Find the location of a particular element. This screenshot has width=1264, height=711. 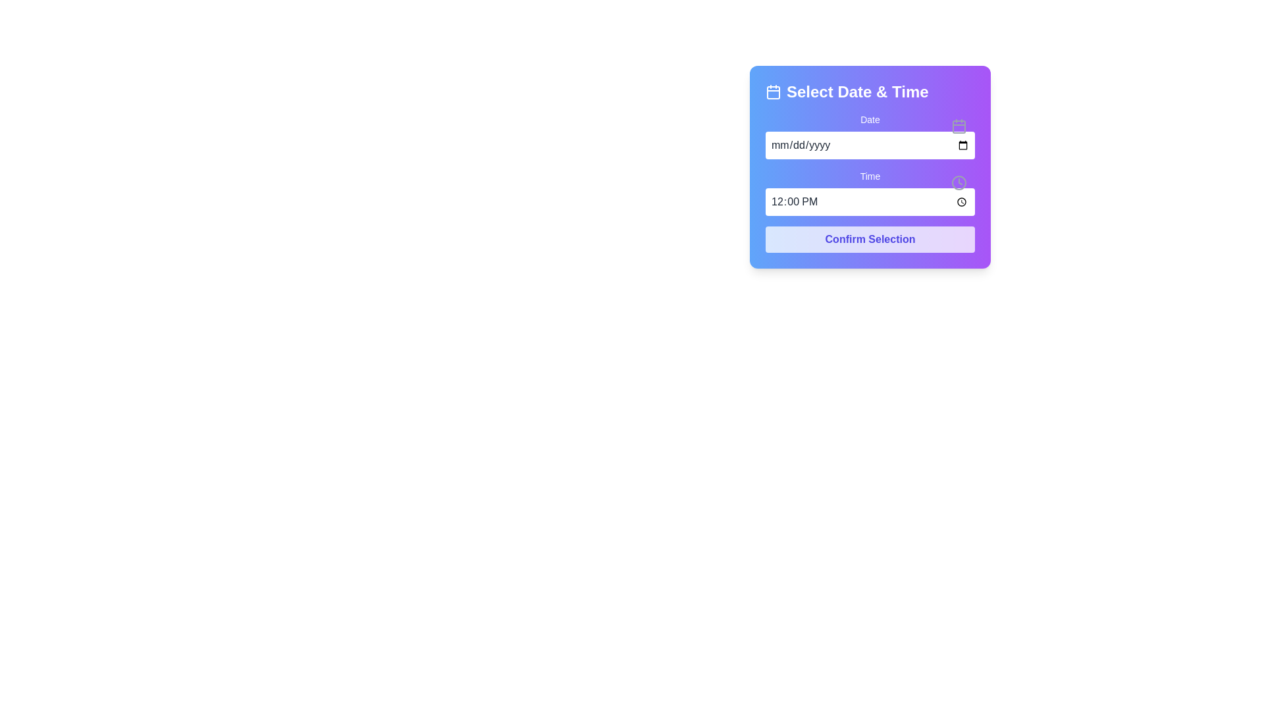

the Date Input Field with Calendar Trigger is located at coordinates (870, 136).